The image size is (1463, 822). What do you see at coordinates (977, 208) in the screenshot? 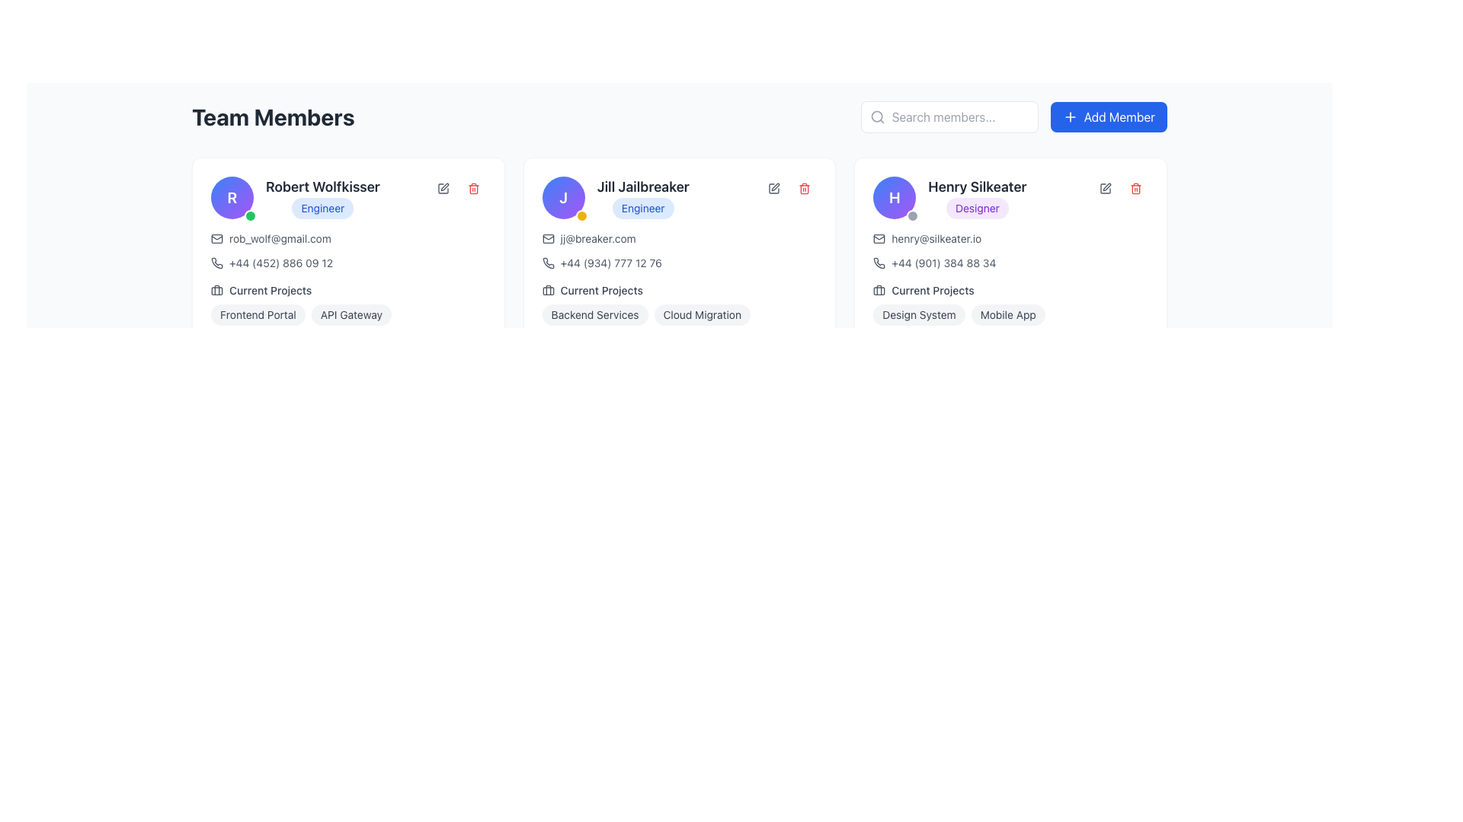
I see `the 'Designer' label for Henry Silkeater located on his profile card in the team members list` at bounding box center [977, 208].